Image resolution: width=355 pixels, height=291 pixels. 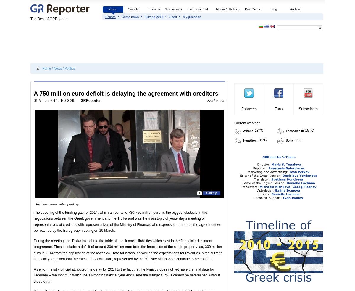 What do you see at coordinates (305, 1) in the screenshot?
I see `'Thu'` at bounding box center [305, 1].